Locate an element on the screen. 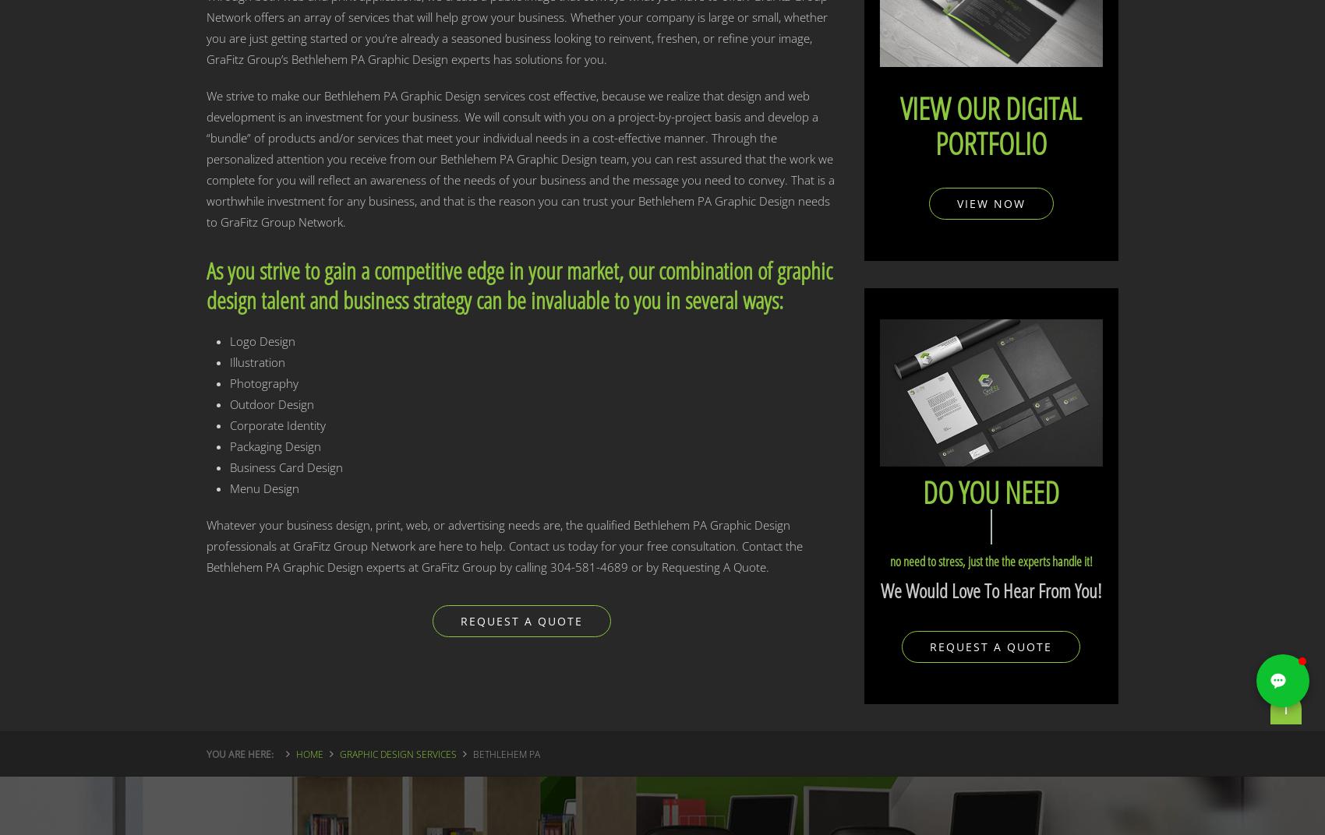 This screenshot has width=1325, height=835. 'Graphic Design Services' is located at coordinates (398, 753).